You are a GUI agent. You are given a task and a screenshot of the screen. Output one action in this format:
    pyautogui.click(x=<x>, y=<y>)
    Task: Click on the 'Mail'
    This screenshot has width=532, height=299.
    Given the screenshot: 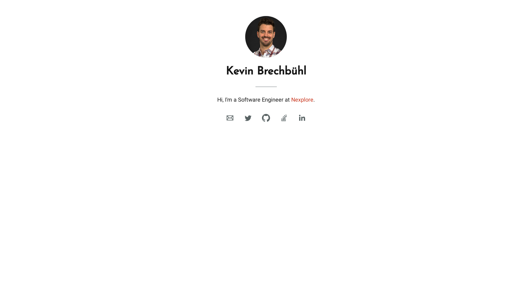 What is the action you would take?
    pyautogui.click(x=224, y=117)
    